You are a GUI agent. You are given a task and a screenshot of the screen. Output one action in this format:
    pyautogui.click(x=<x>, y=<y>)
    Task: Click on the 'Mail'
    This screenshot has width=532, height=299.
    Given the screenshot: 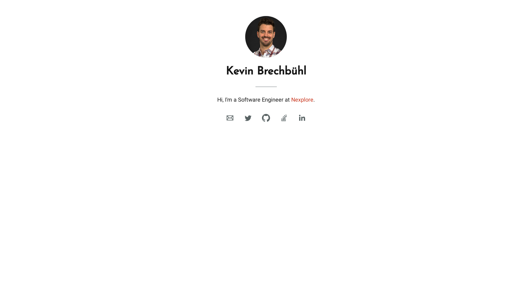 What is the action you would take?
    pyautogui.click(x=224, y=117)
    